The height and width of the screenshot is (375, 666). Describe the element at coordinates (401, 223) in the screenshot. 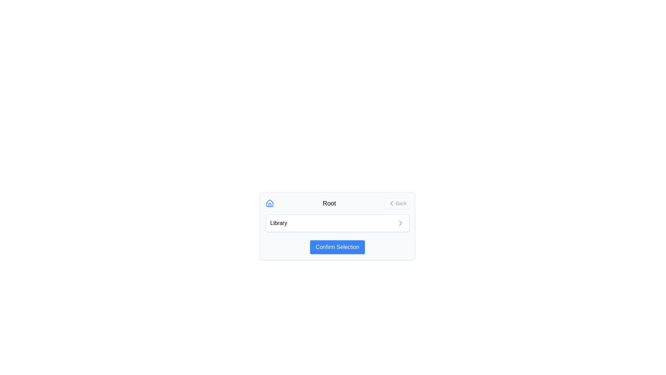

I see `the chevron icon located next to the 'Library' label at the bottom central part of the display` at that location.